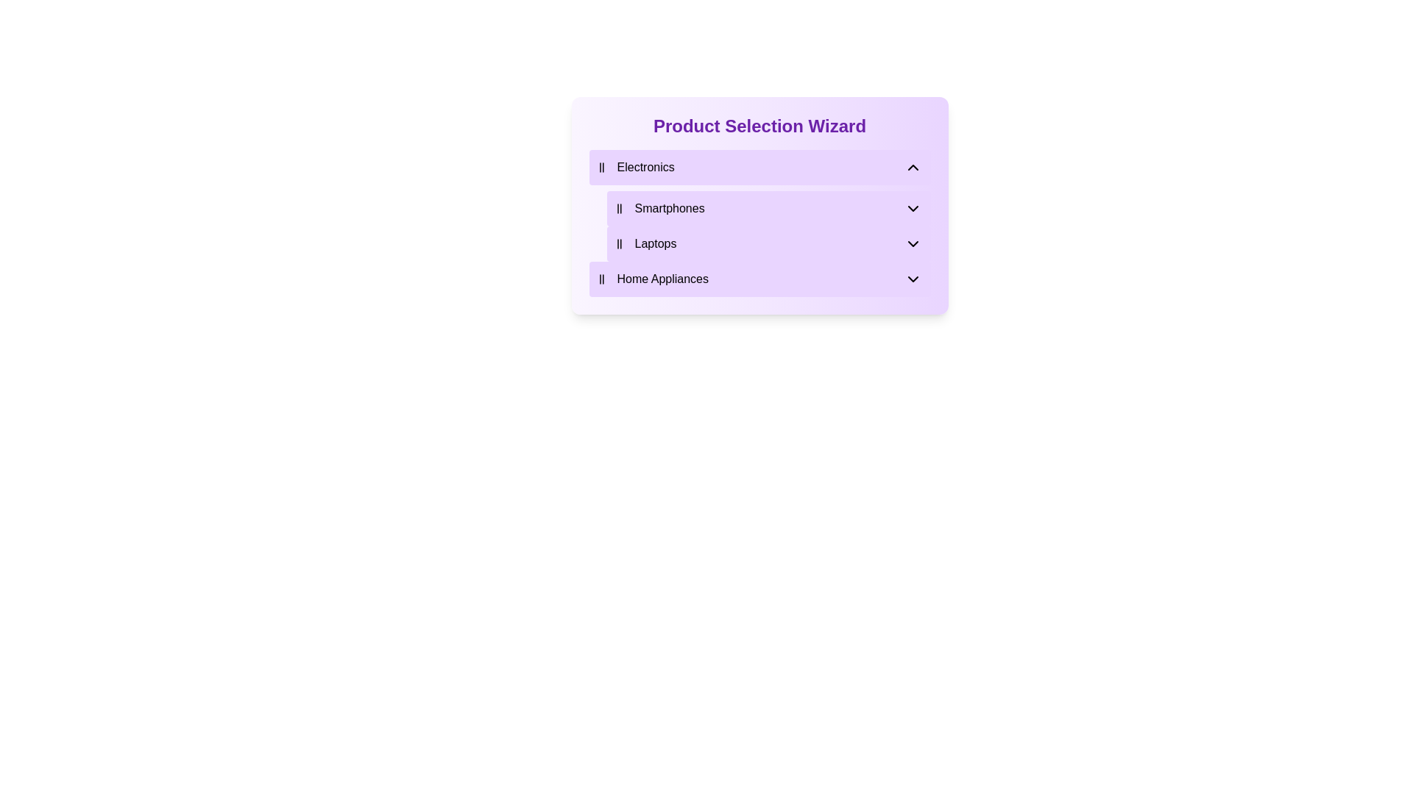  What do you see at coordinates (659, 209) in the screenshot?
I see `'Smartphones' category label, which is positioned within the selection section under 'Electronics', between 'Laptops' and 'Home Appliances'` at bounding box center [659, 209].